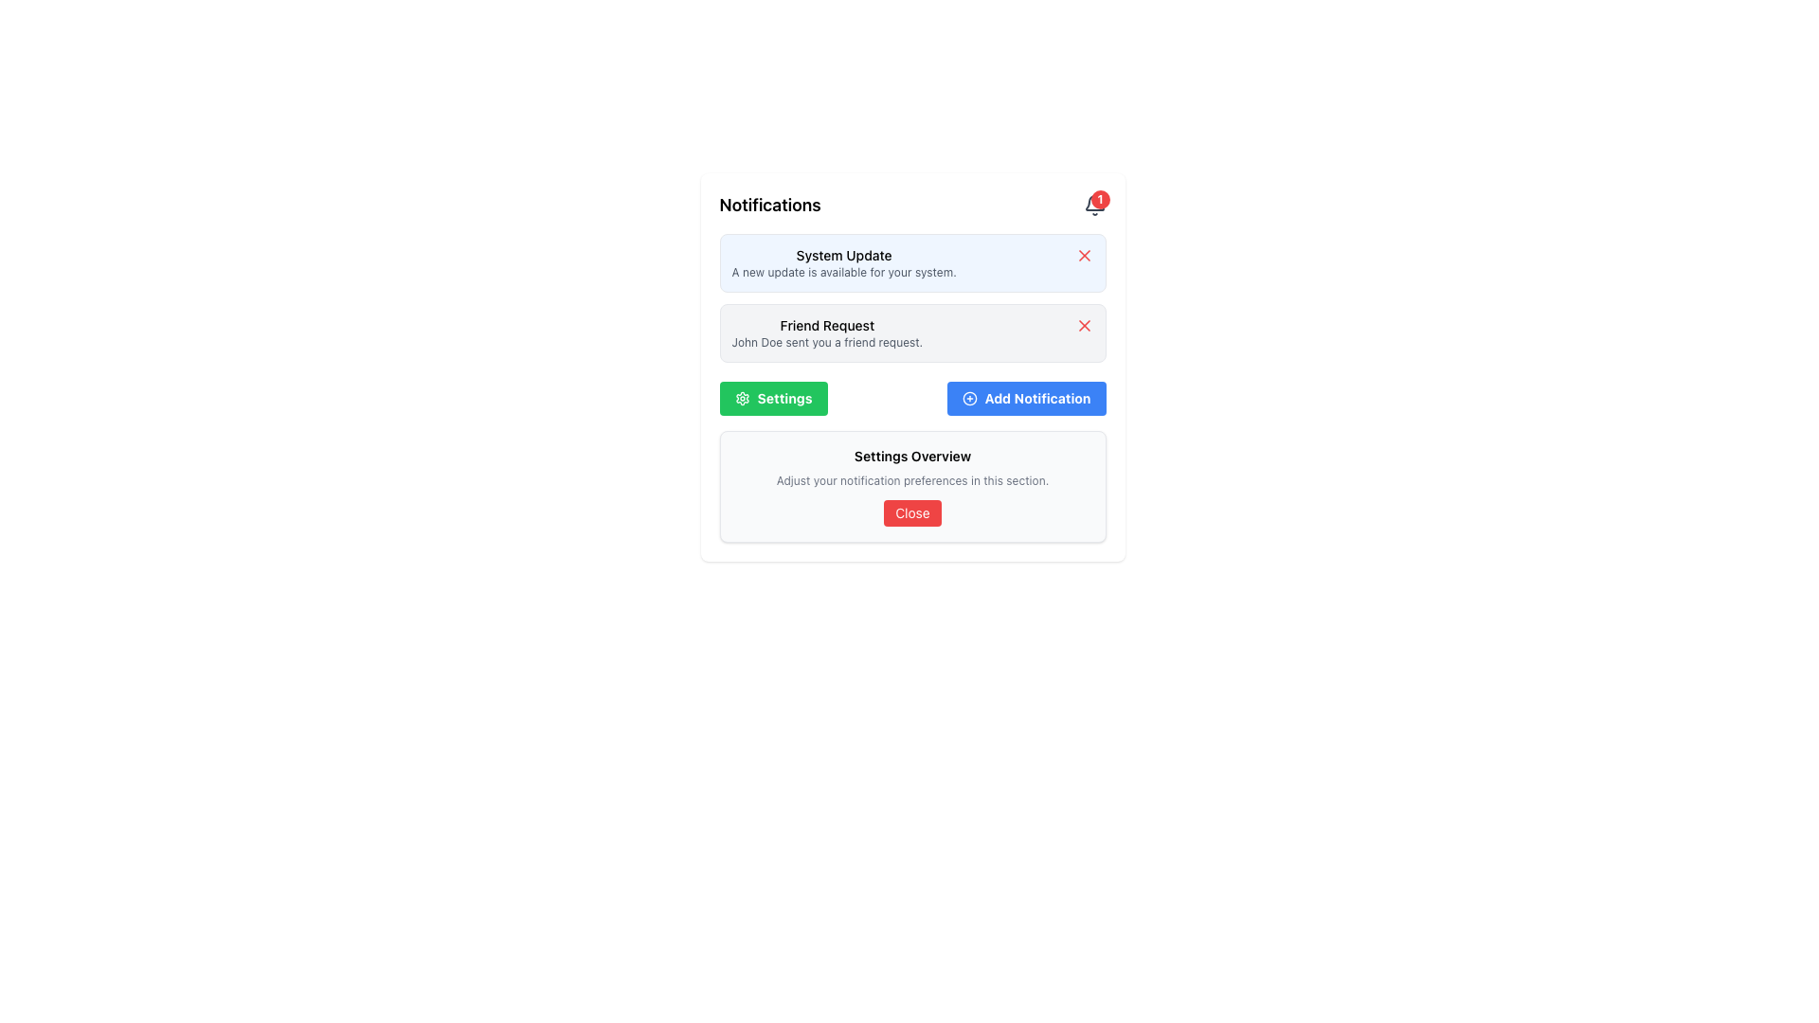 The height and width of the screenshot is (1023, 1819). I want to click on the red 'Close' button located at the bottom of the 'Settings Overview' section, so click(912, 513).